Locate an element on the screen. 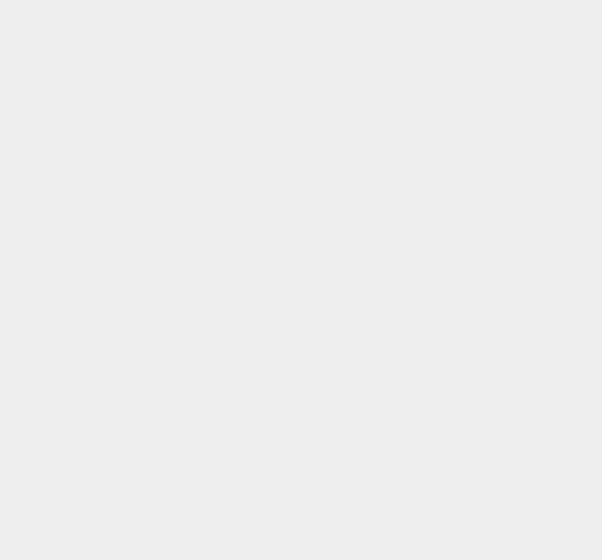  'iTunes' is located at coordinates (435, 436).